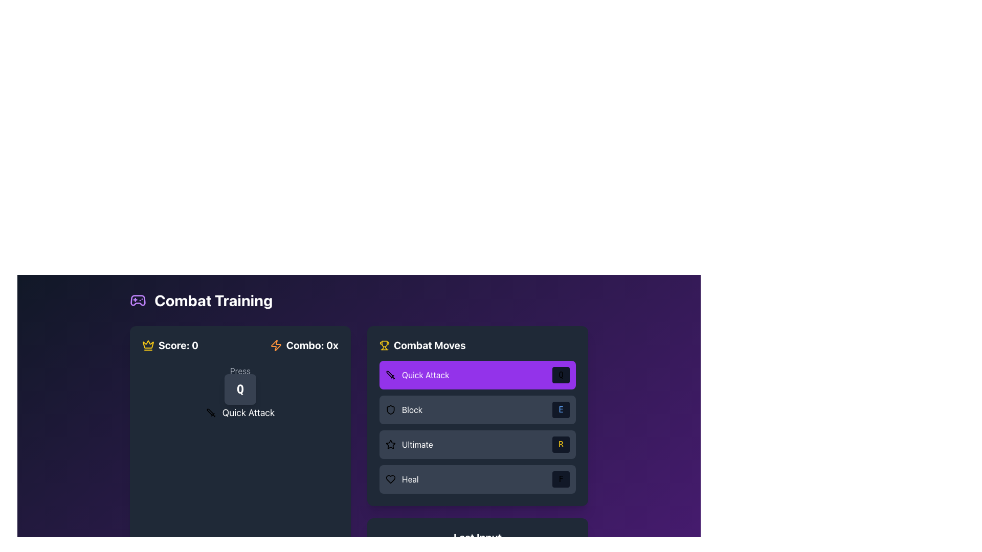  What do you see at coordinates (240, 412) in the screenshot?
I see `the 'Quick Attack' text label with sword icon located in the lower portion of the left-side interface panel labeled 'Combat Training.'` at bounding box center [240, 412].